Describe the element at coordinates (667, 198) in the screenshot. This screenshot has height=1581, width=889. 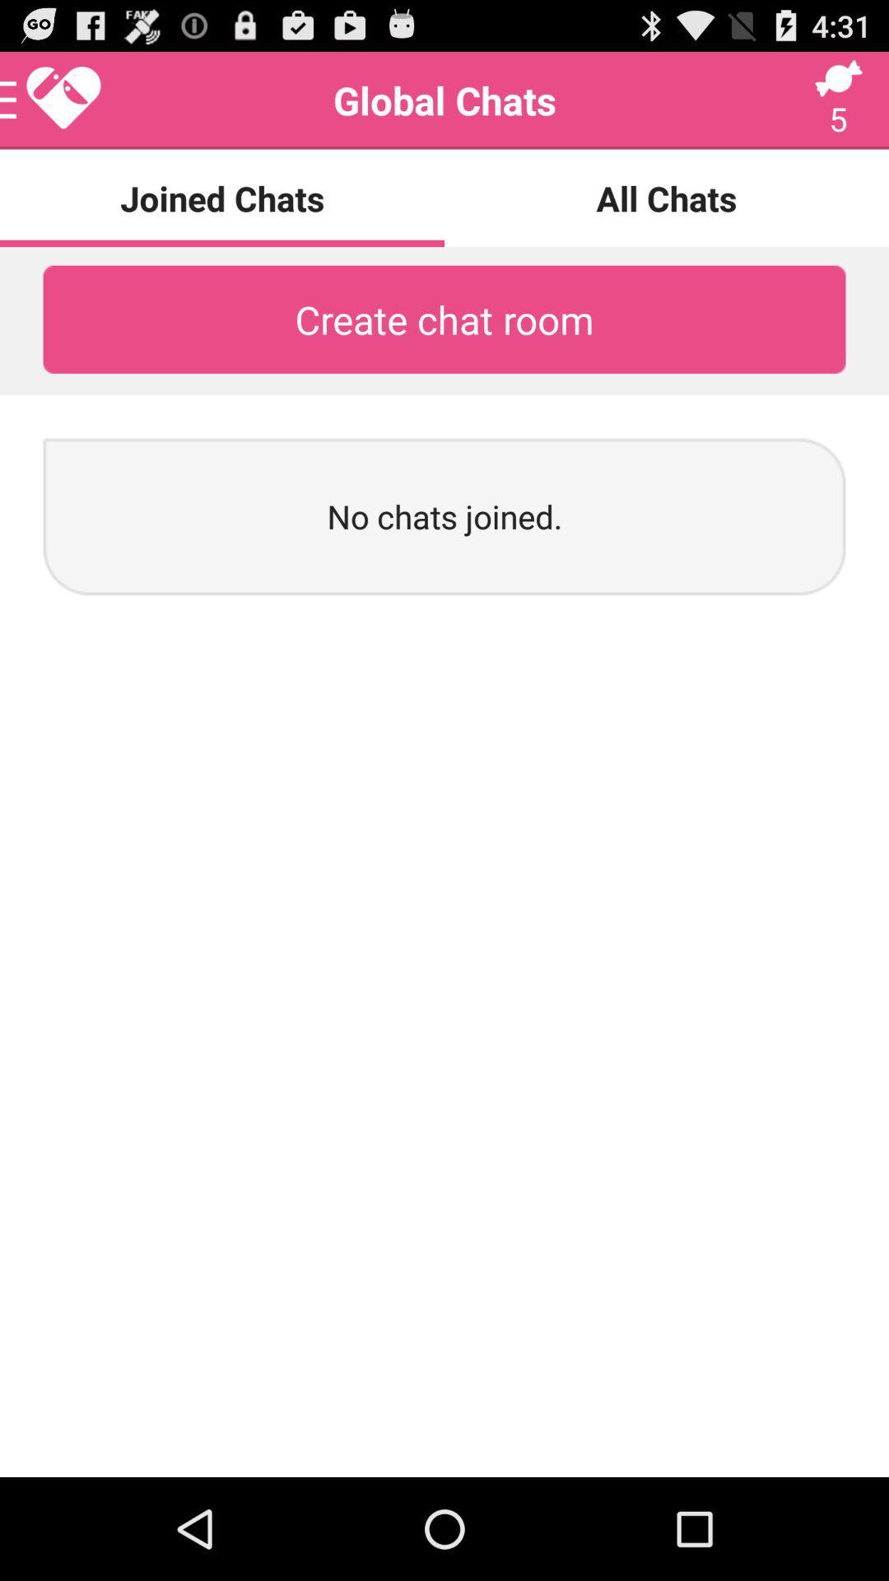
I see `the all chats` at that location.